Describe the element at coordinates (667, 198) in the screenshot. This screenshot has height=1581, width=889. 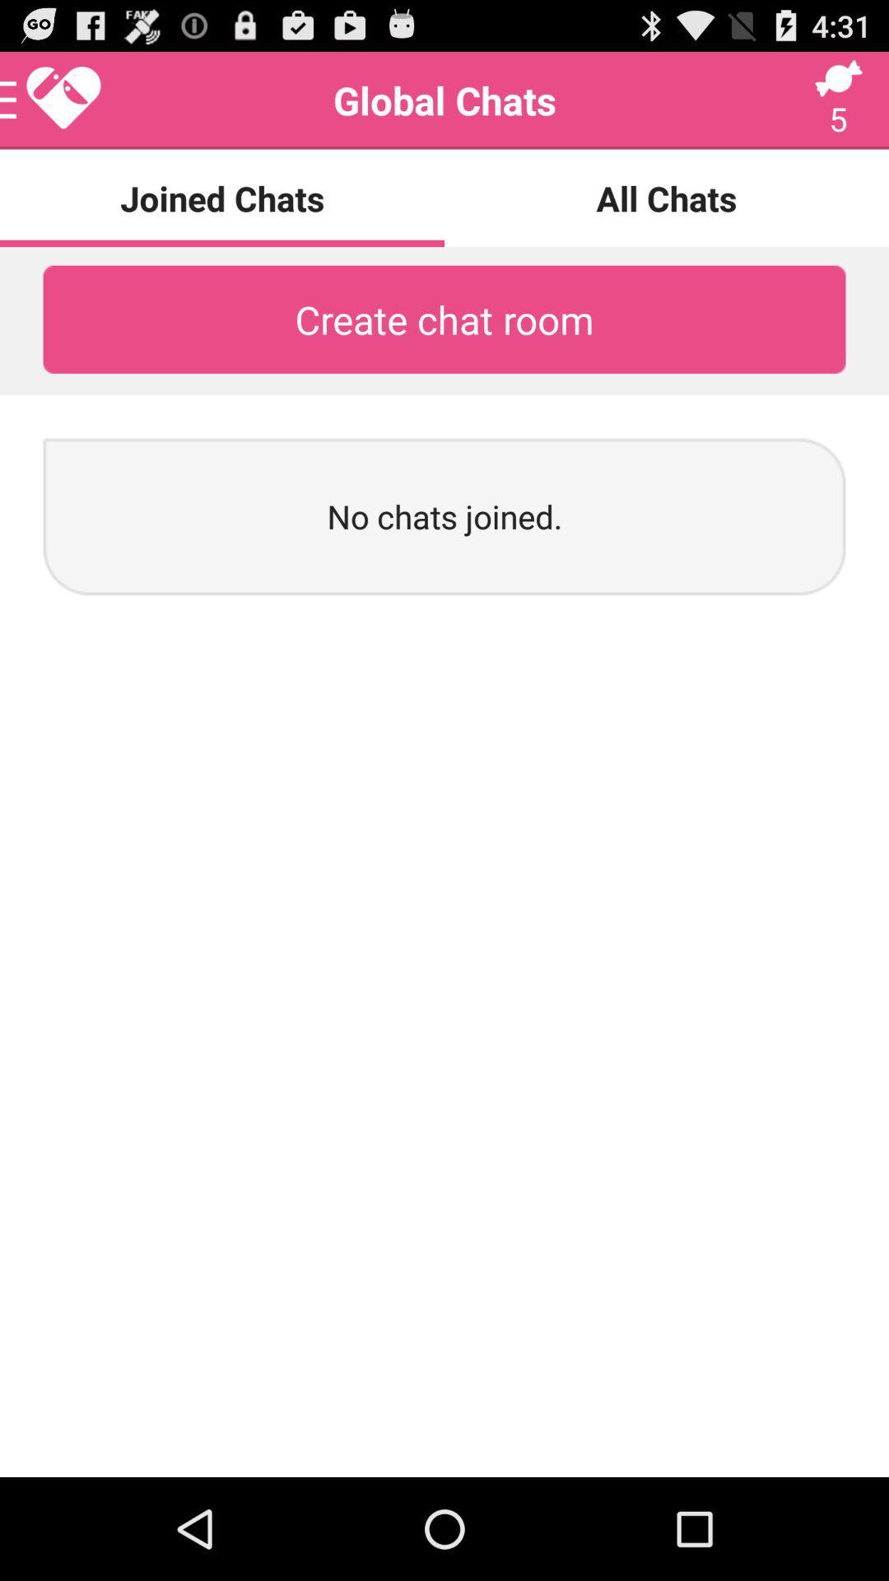
I see `the all chats` at that location.